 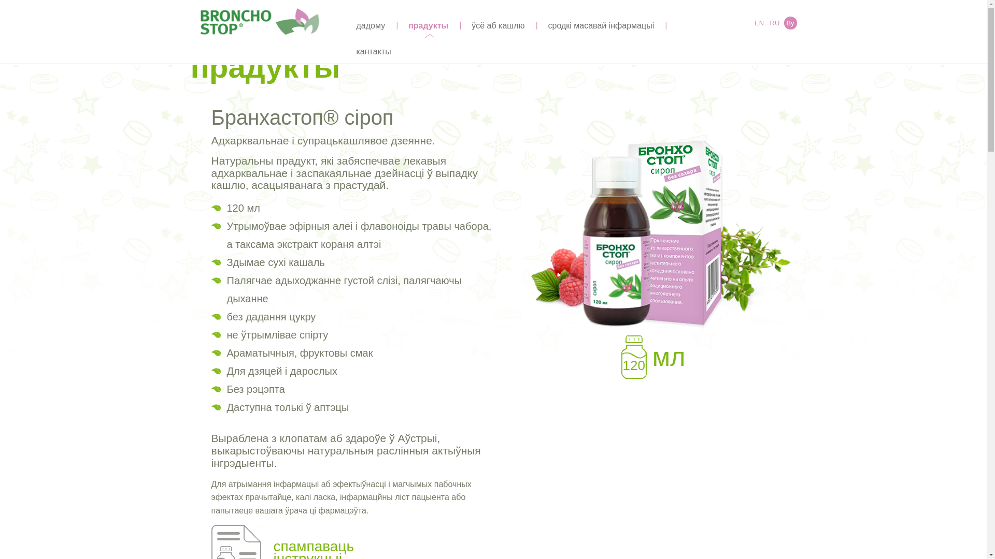 What do you see at coordinates (784, 23) in the screenshot?
I see `'By'` at bounding box center [784, 23].